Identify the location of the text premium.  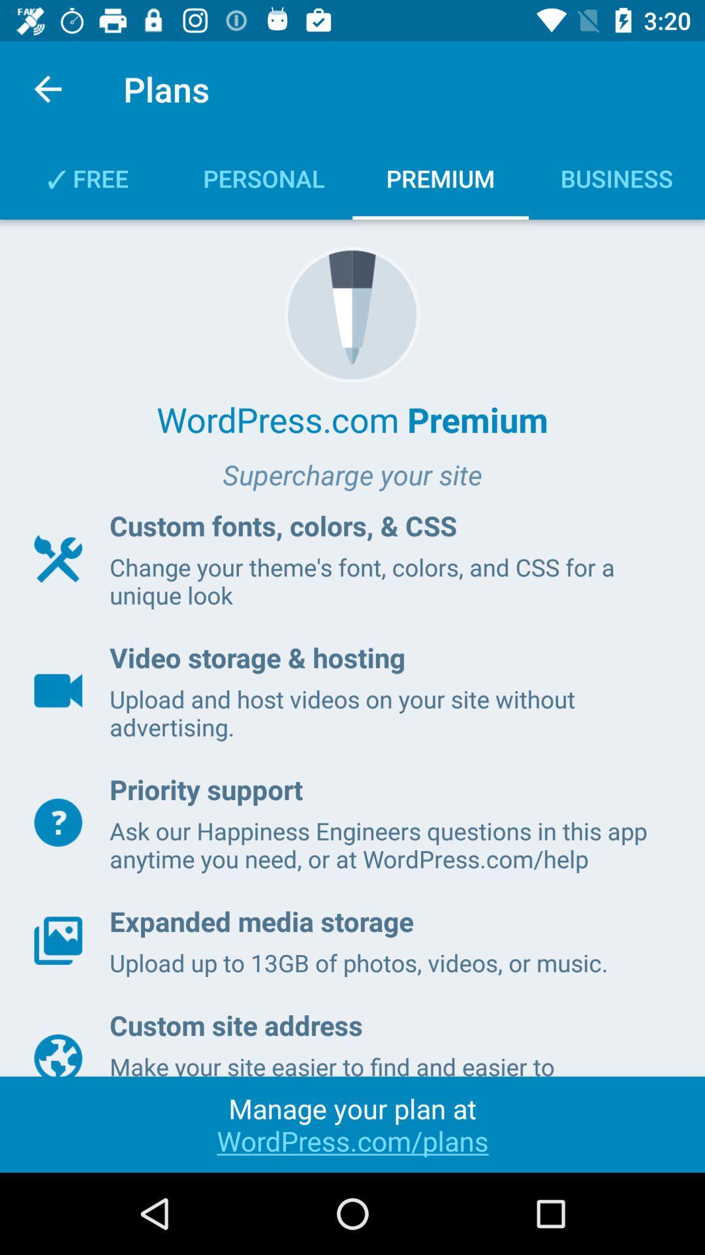
(441, 178).